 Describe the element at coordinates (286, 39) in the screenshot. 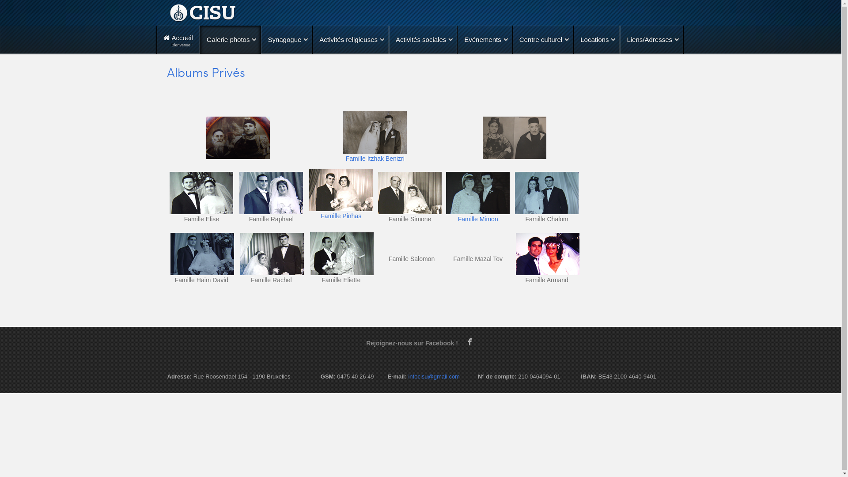

I see `'Synagogue'` at that location.